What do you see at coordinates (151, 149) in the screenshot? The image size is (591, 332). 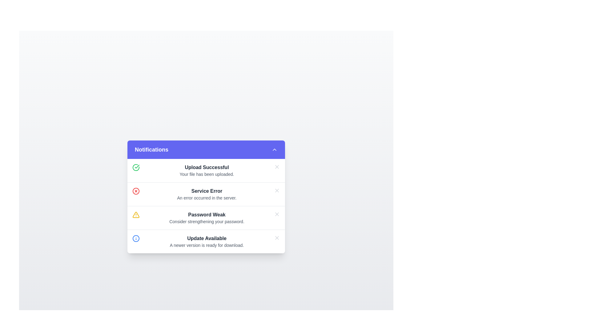 I see `the title text label for the notifications section, which is located near the top-left of the purple bar in the card interface` at bounding box center [151, 149].